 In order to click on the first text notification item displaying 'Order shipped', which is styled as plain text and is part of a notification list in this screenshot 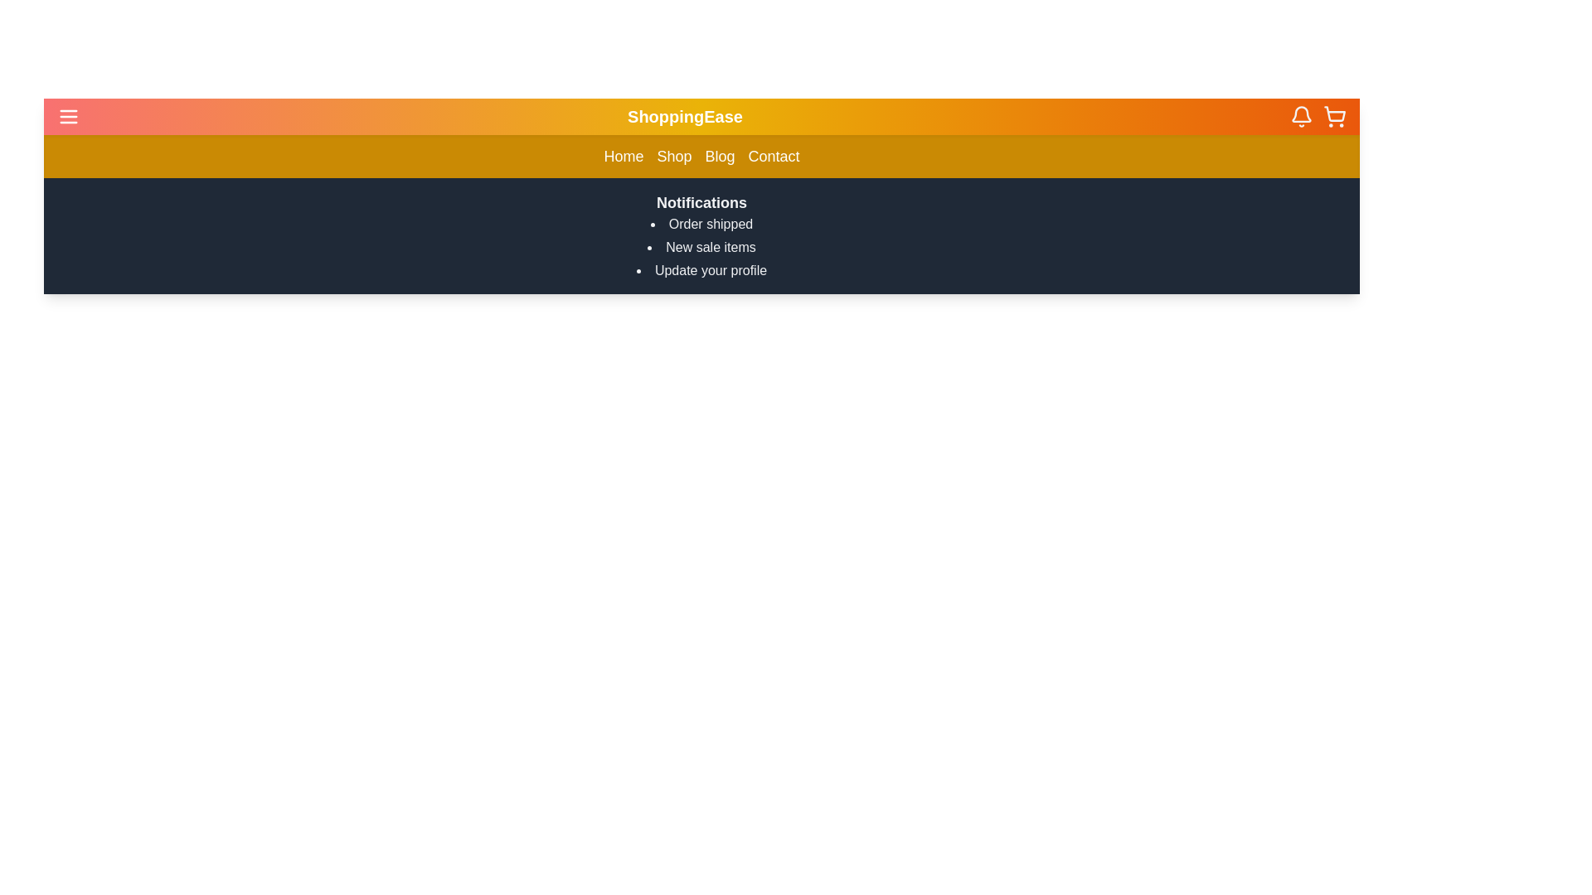, I will do `click(701, 224)`.